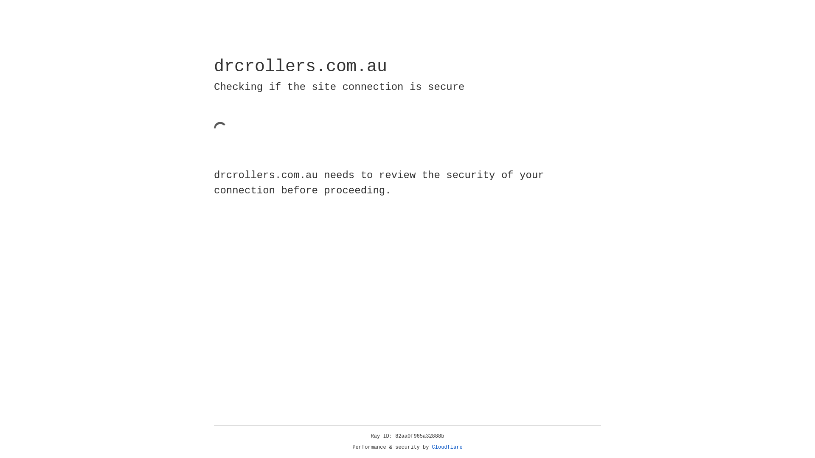 The image size is (815, 458). I want to click on 'Cloudflare', so click(432, 447).